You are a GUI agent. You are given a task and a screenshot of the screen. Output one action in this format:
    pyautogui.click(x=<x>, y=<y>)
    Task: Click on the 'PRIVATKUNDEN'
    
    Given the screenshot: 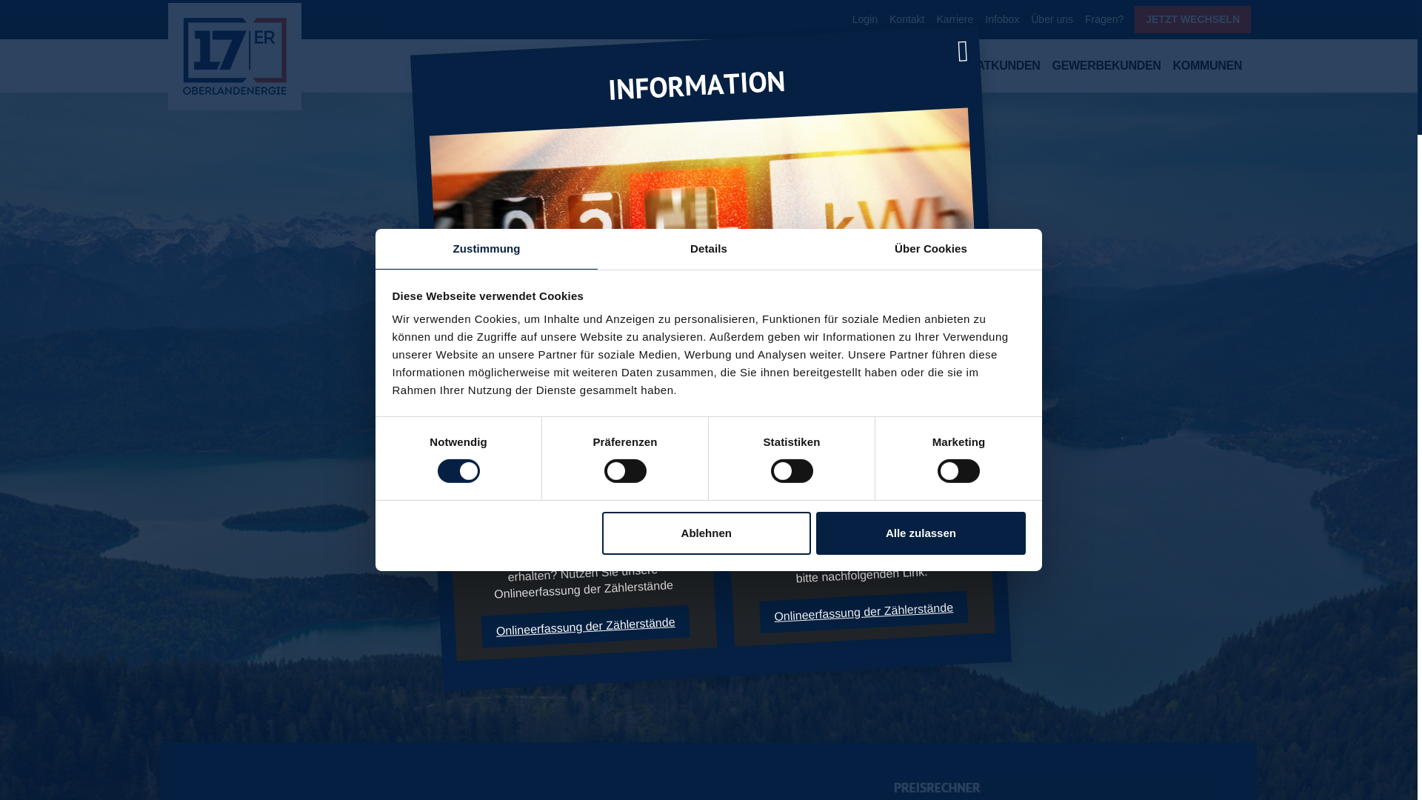 What is the action you would take?
    pyautogui.click(x=950, y=68)
    